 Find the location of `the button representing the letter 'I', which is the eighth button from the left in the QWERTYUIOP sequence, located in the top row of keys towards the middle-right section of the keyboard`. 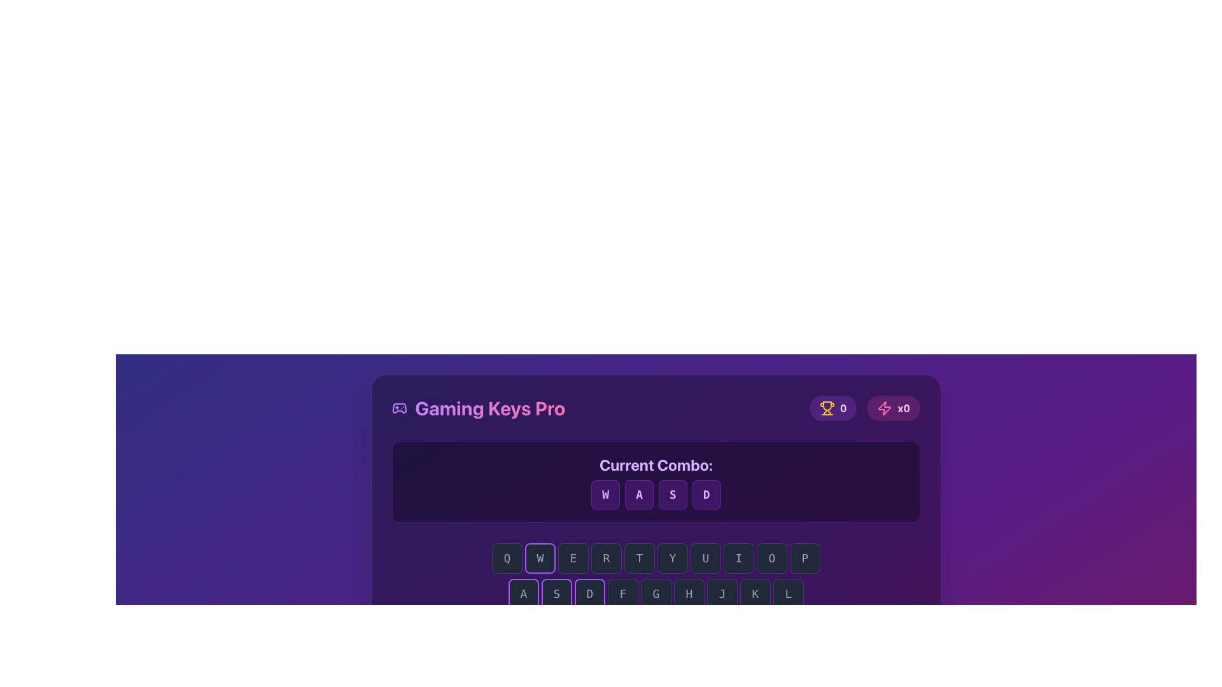

the button representing the letter 'I', which is the eighth button from the left in the QWERTYUIOP sequence, located in the top row of keys towards the middle-right section of the keyboard is located at coordinates (739, 558).